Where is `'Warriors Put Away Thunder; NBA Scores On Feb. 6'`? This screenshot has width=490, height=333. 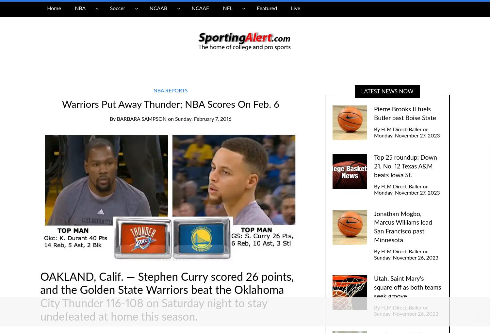 'Warriors Put Away Thunder; NBA Scores On Feb. 6' is located at coordinates (170, 104).